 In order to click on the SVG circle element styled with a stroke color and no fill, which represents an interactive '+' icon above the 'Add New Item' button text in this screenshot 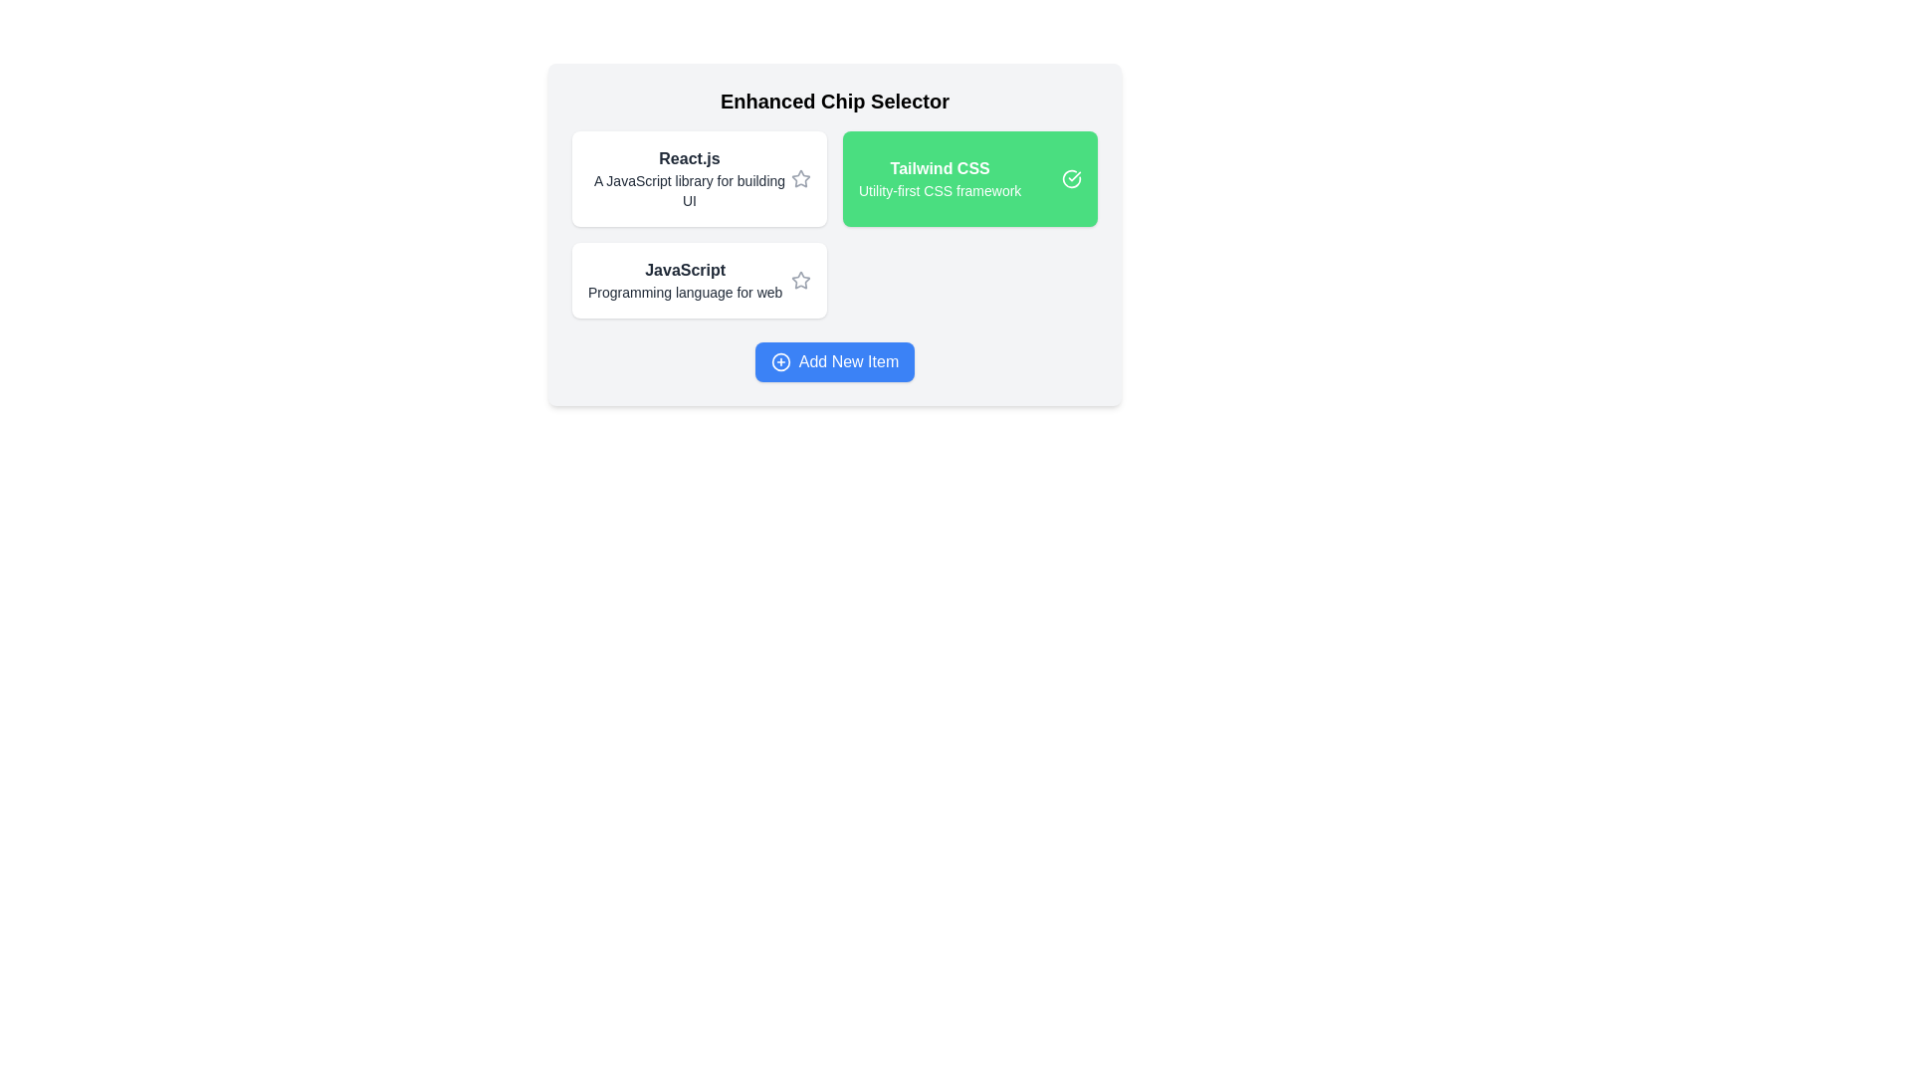, I will do `click(779, 361)`.